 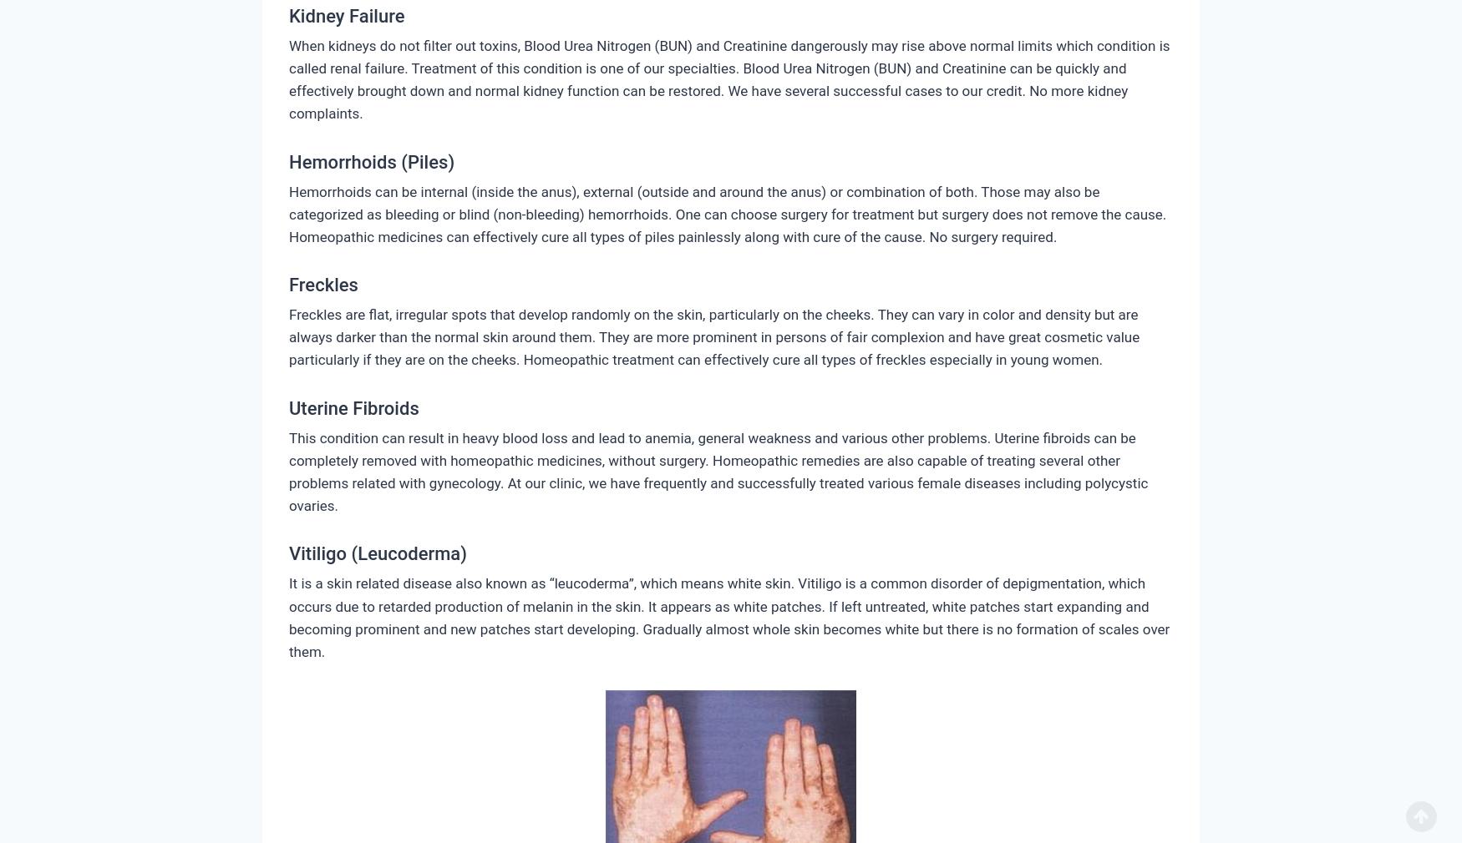 I want to click on 'Vitiligo (Leucoderma)', so click(x=288, y=553).